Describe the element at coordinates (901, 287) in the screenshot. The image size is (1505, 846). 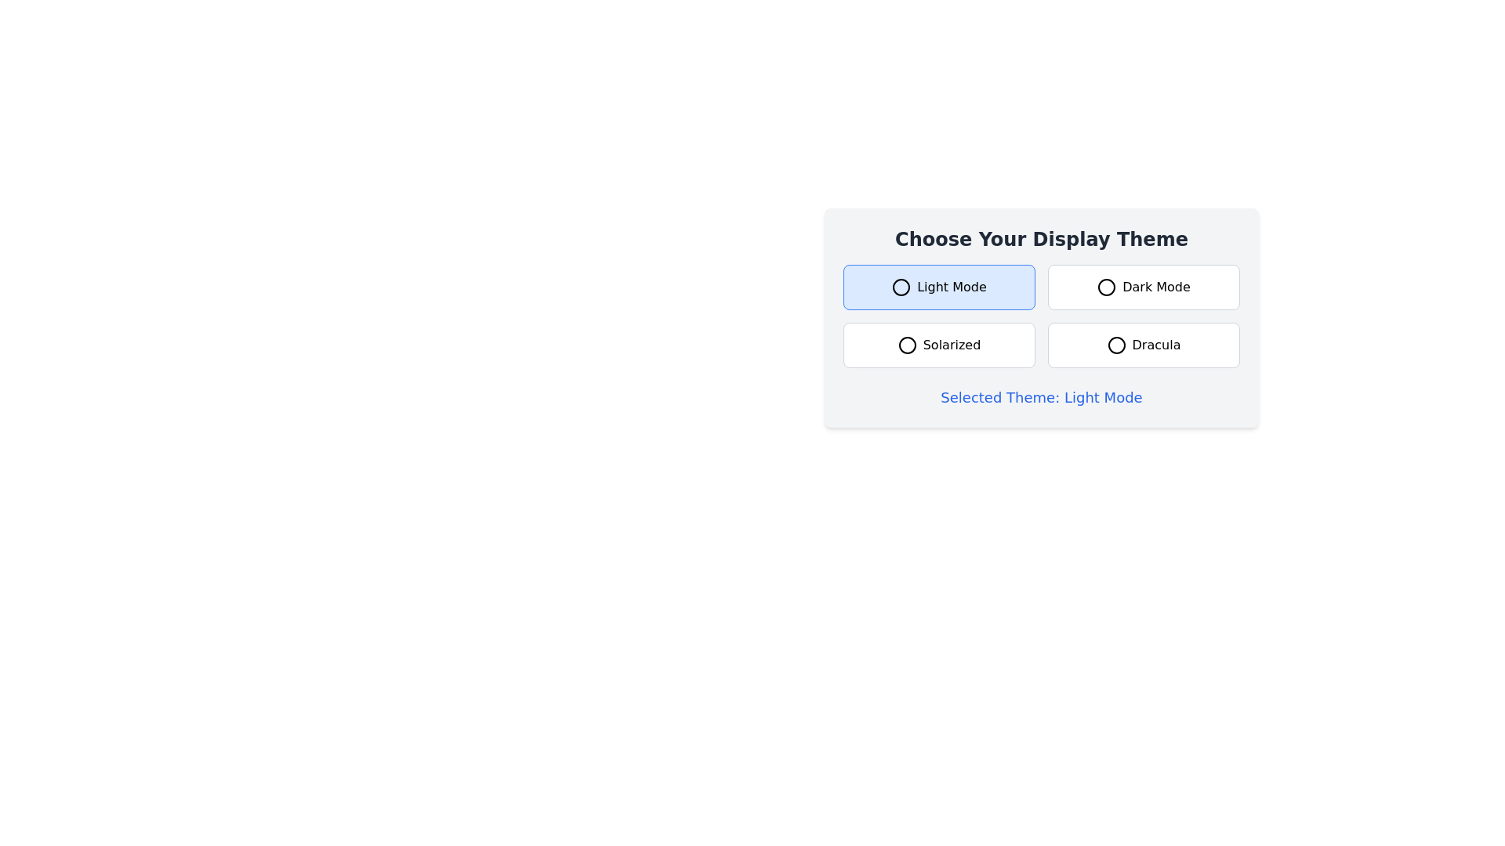
I see `the circular icon indicator located within the 'Light Mode' button` at that location.